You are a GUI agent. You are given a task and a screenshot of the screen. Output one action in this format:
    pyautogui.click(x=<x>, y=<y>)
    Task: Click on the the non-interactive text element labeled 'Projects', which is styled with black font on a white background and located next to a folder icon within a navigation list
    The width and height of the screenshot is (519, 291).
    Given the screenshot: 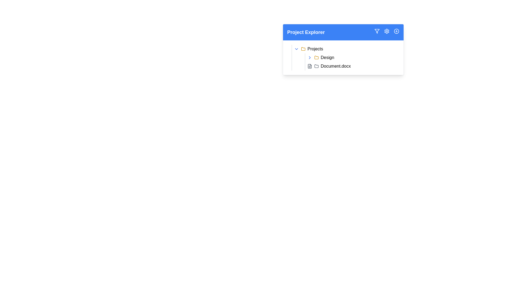 What is the action you would take?
    pyautogui.click(x=315, y=49)
    